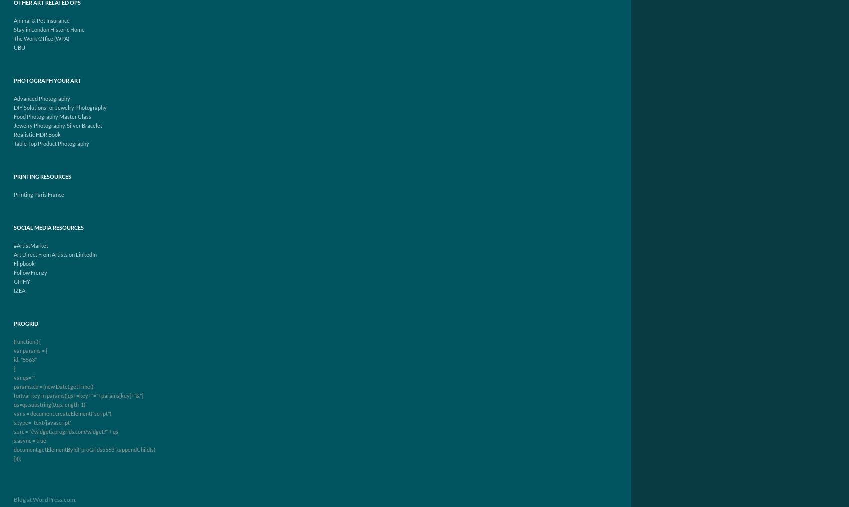 Image resolution: width=849 pixels, height=507 pixels. Describe the element at coordinates (19, 290) in the screenshot. I see `'IZEA'` at that location.